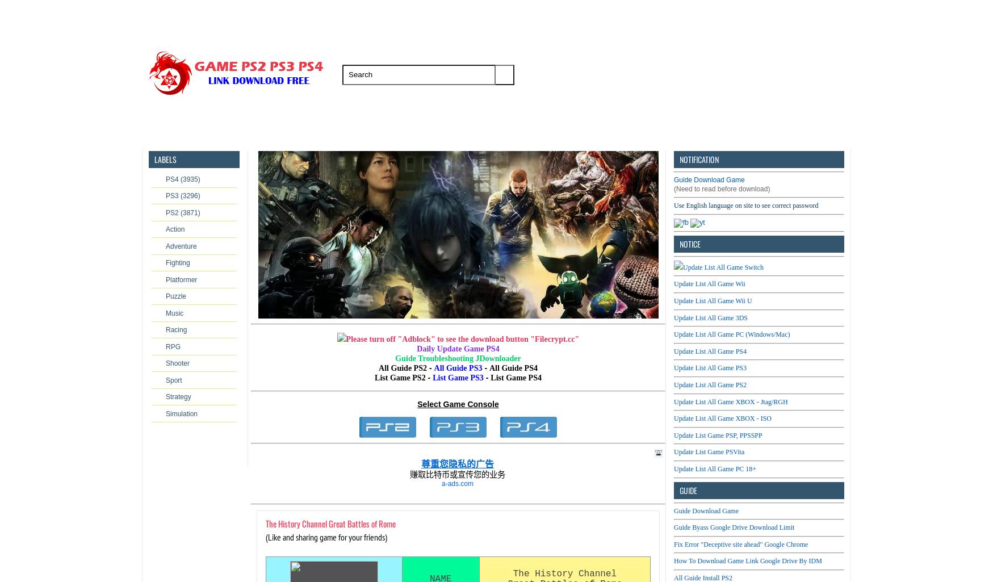 This screenshot has width=993, height=582. I want to click on 'Action', so click(174, 229).